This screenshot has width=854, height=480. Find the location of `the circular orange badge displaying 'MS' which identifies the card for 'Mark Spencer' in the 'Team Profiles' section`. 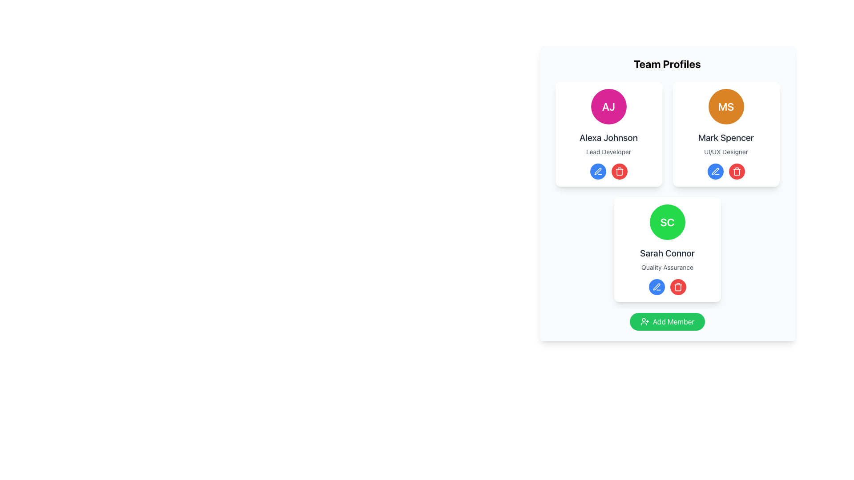

the circular orange badge displaying 'MS' which identifies the card for 'Mark Spencer' in the 'Team Profiles' section is located at coordinates (726, 106).